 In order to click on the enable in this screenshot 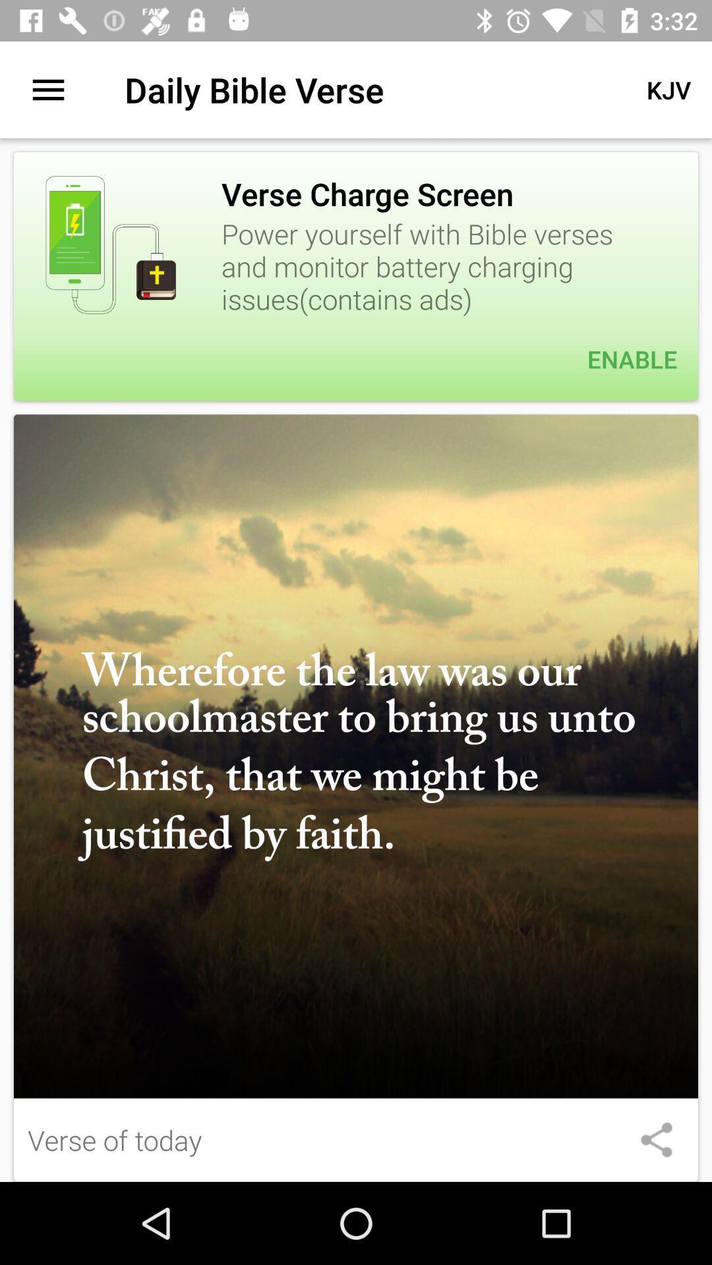, I will do `click(356, 359)`.